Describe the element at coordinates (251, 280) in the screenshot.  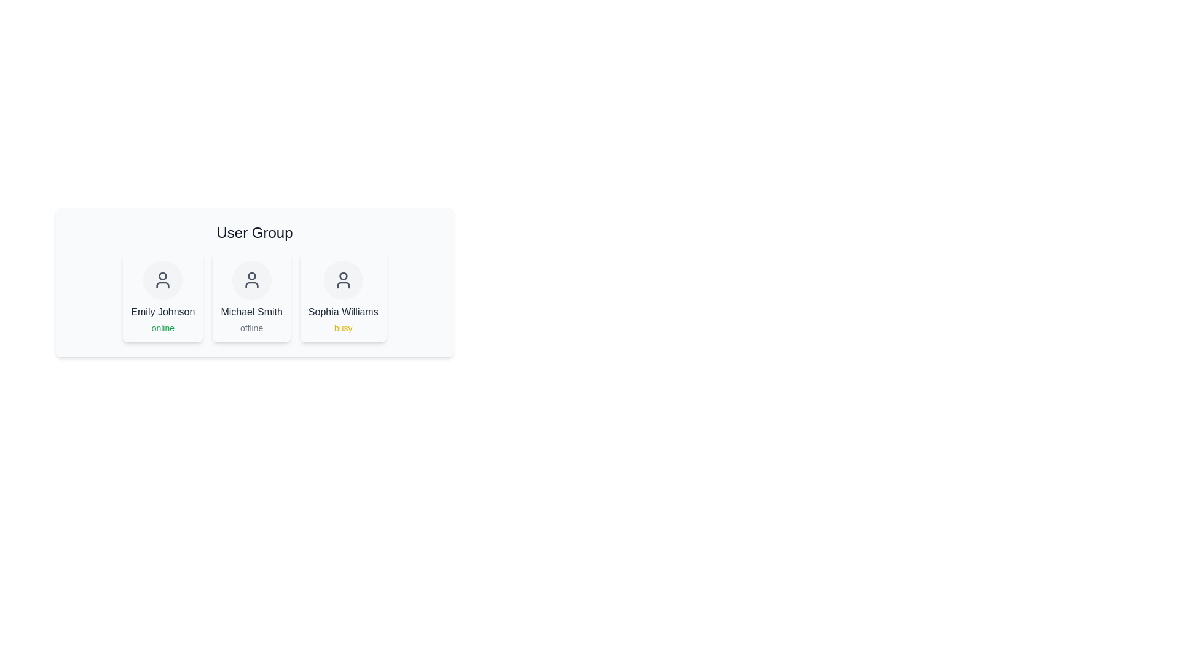
I see `the Profile Icon representing user 'Michael Smith', which is located in the central panel of a user group interface above the text 'Michael Smith'` at that location.